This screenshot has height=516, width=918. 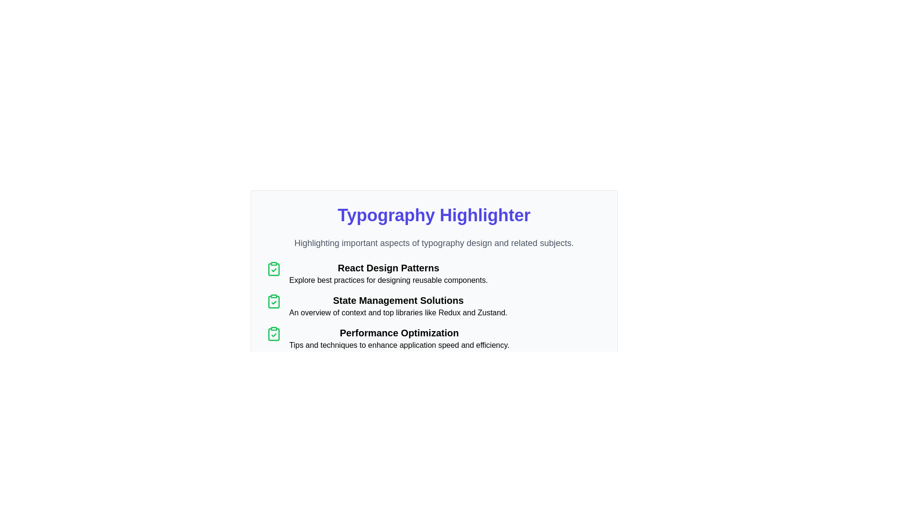 I want to click on heading text that serves as a title for the performance optimization section, located at the center bottom of the 'Typography Highlighter' content block, so click(x=399, y=333).